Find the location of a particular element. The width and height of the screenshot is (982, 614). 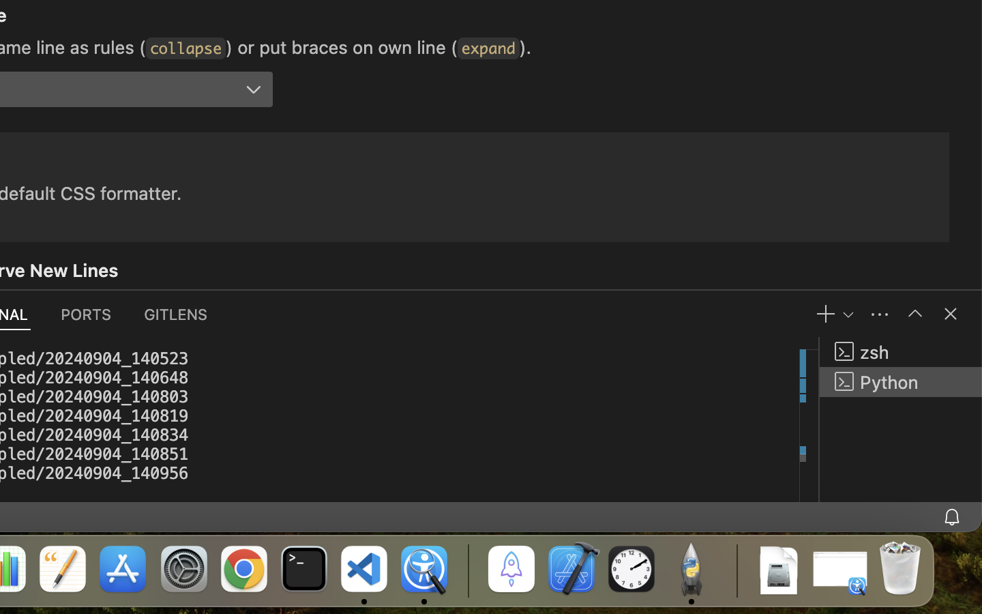

') or put braces on own line (' is located at coordinates (341, 46).